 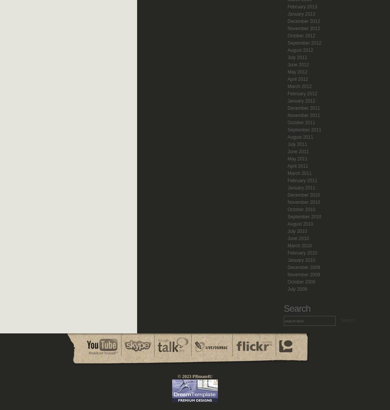 What do you see at coordinates (287, 115) in the screenshot?
I see `'November 2011'` at bounding box center [287, 115].